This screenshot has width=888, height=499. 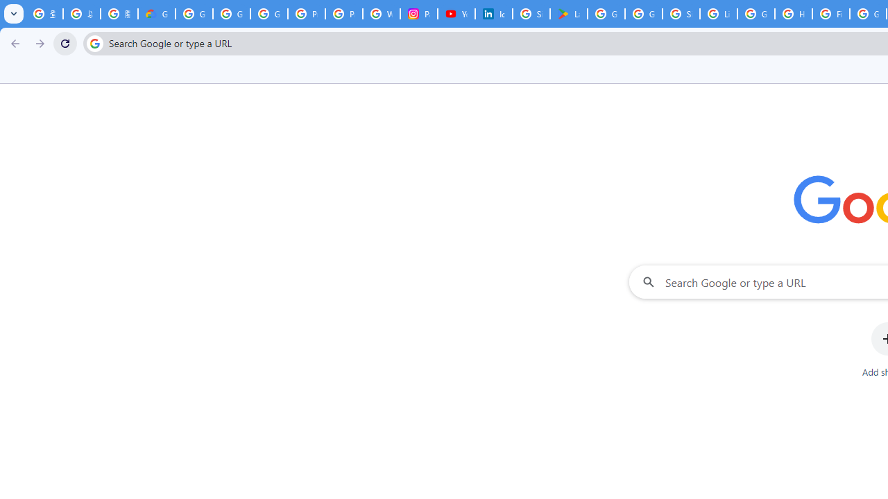 I want to click on 'Google Workspace - Specific Terms', so click(x=643, y=14).